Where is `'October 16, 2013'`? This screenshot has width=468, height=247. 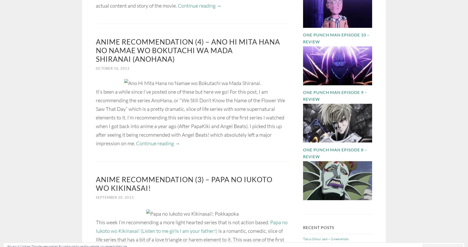 'October 16, 2013' is located at coordinates (112, 68).